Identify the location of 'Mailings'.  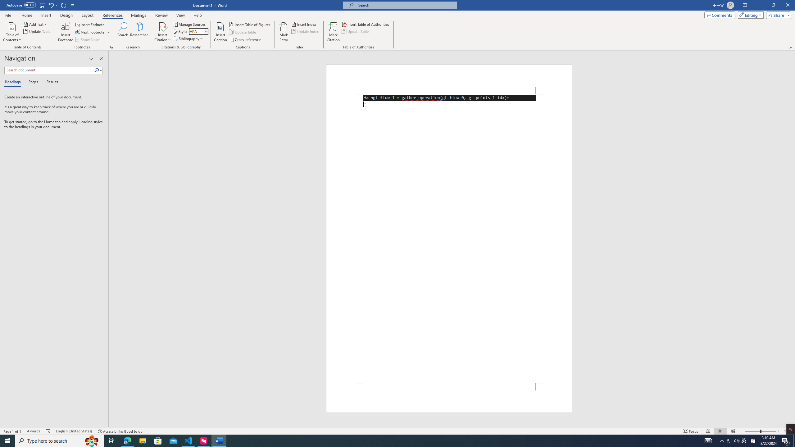
(138, 15).